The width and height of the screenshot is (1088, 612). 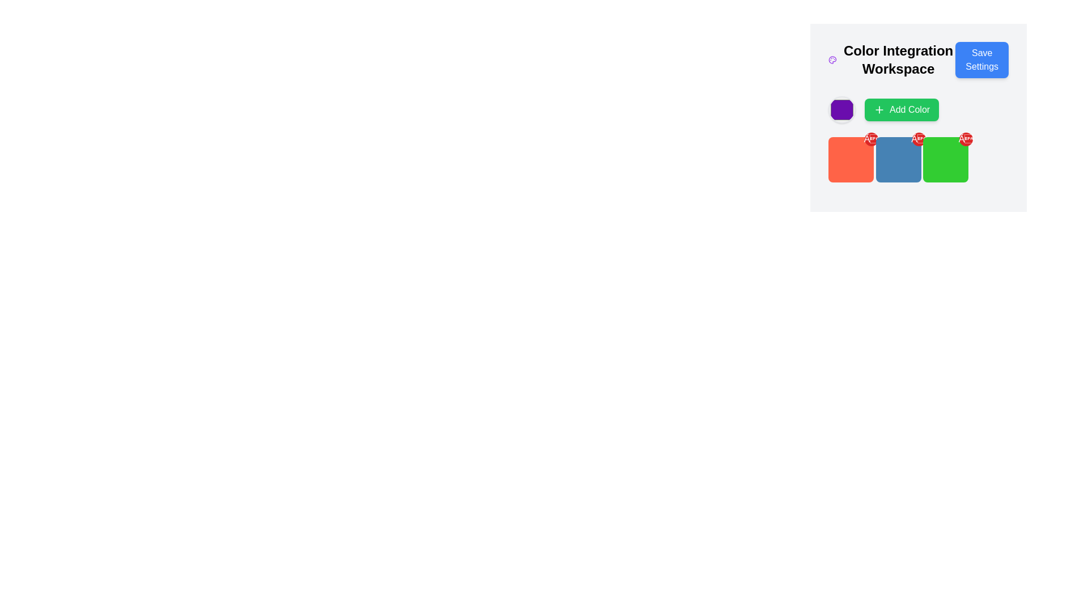 I want to click on the delete button located in the top-right corner of the associated green rectangular color tile in the grid of color tiles, so click(x=919, y=139).